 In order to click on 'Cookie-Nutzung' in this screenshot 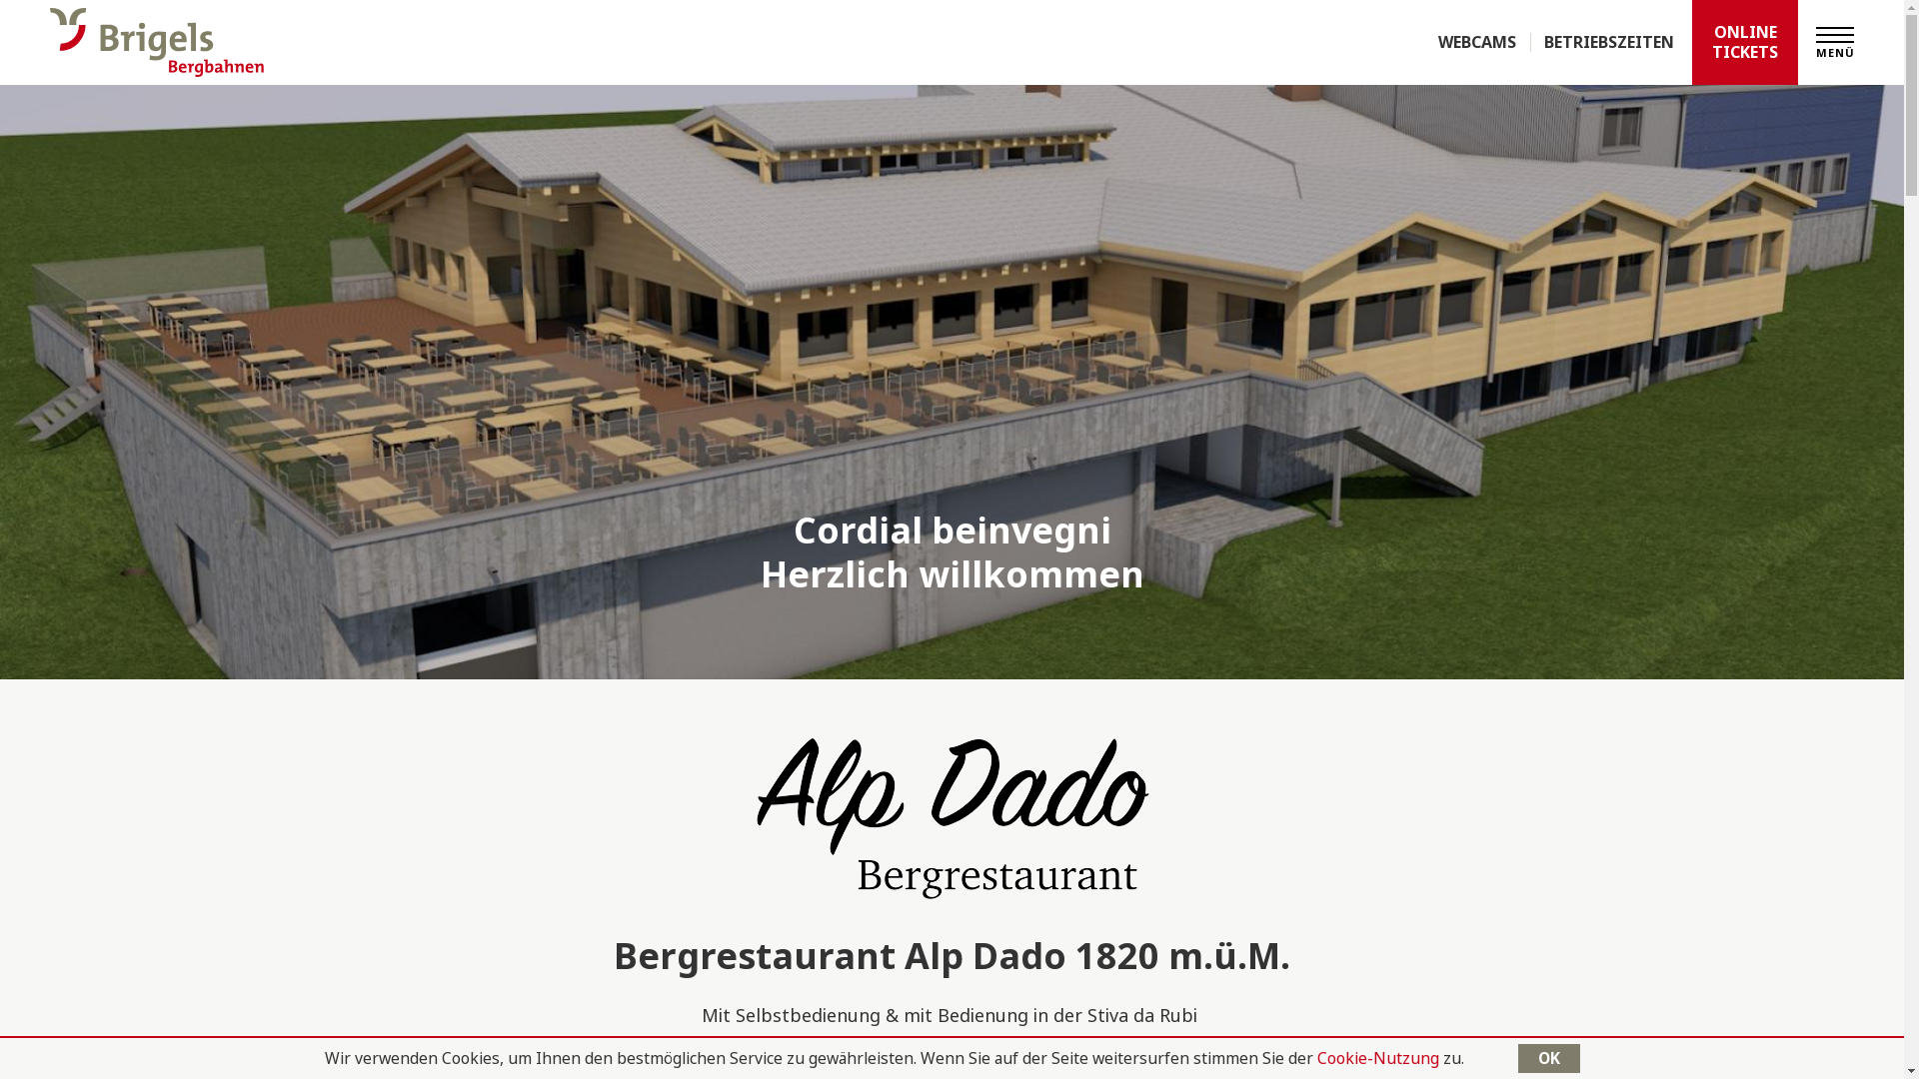, I will do `click(1317, 1057)`.